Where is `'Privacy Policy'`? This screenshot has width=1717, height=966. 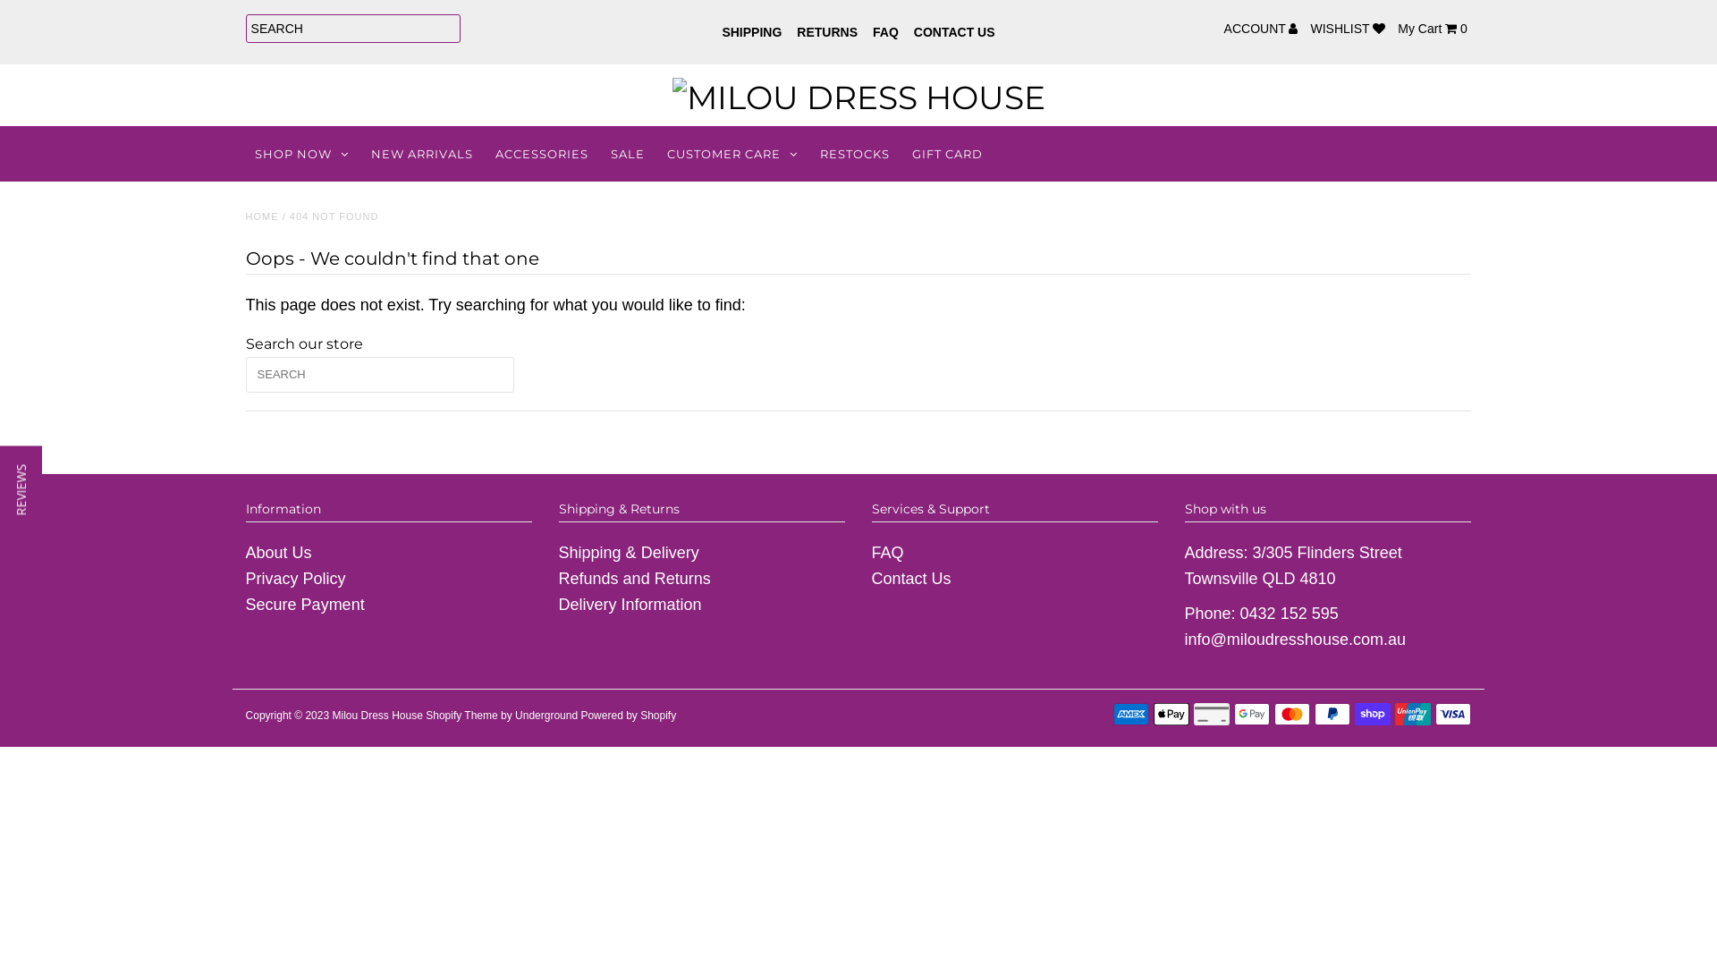
'Privacy Policy' is located at coordinates (296, 579).